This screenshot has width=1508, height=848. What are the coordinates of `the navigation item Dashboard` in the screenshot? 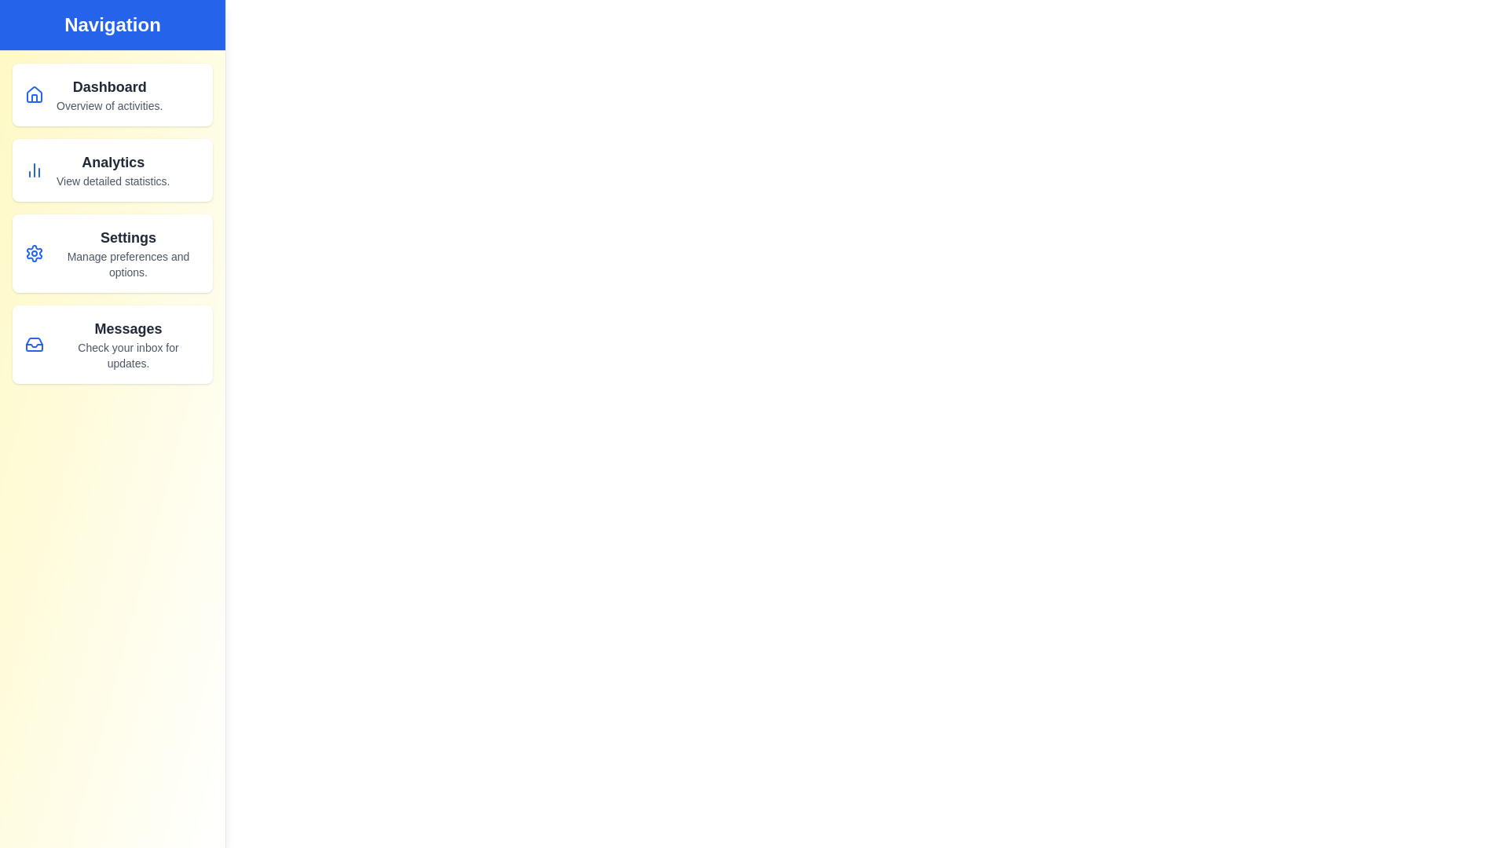 It's located at (112, 94).